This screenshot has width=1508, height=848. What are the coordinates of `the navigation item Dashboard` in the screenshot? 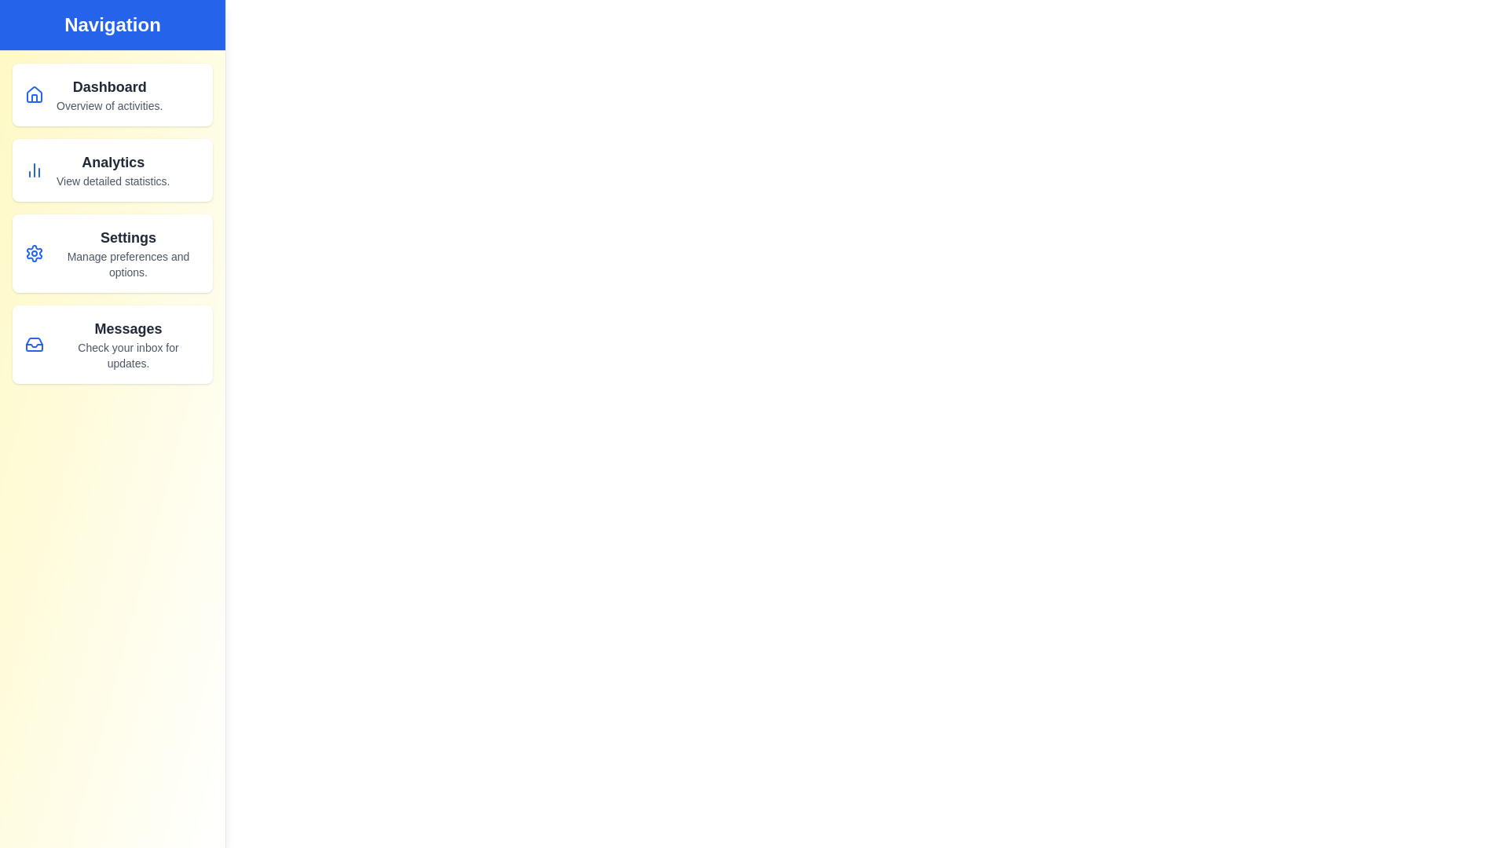 It's located at (112, 94).